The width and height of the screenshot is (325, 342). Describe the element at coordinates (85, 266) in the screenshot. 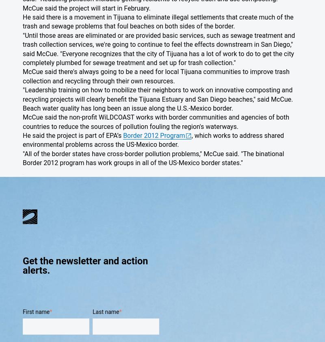

I see `'Get the newsletter and action alerts.'` at that location.